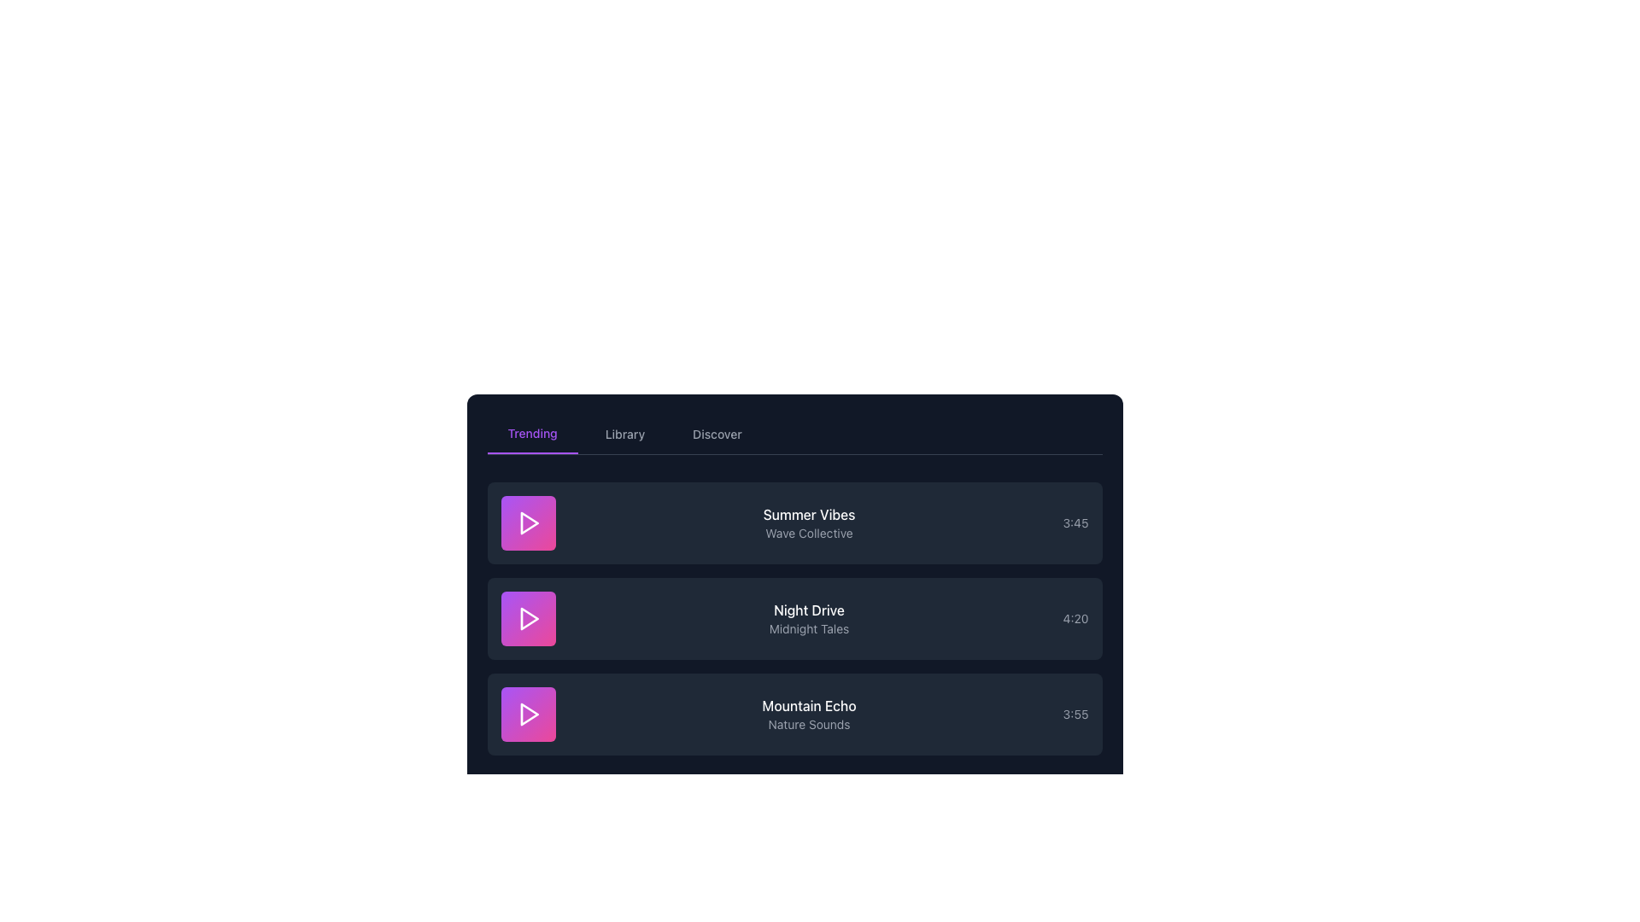 The width and height of the screenshot is (1640, 922). What do you see at coordinates (808, 619) in the screenshot?
I see `the text block displaying 'Night Drive' and 'Midnight Tales'` at bounding box center [808, 619].